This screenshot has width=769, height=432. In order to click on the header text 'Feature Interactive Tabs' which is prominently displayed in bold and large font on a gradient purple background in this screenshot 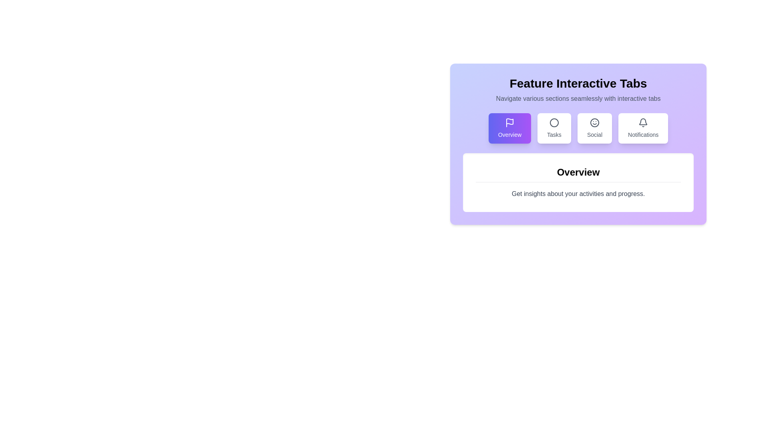, I will do `click(578, 83)`.